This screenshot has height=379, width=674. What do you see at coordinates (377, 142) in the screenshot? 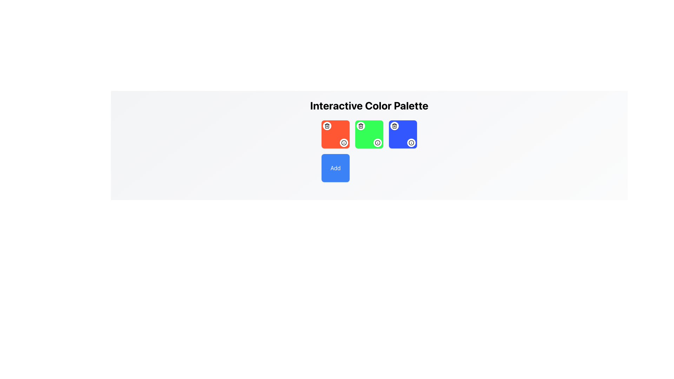
I see `the informational icon located in the bottom-right corner of the green square in the second row of colored squares` at bounding box center [377, 142].